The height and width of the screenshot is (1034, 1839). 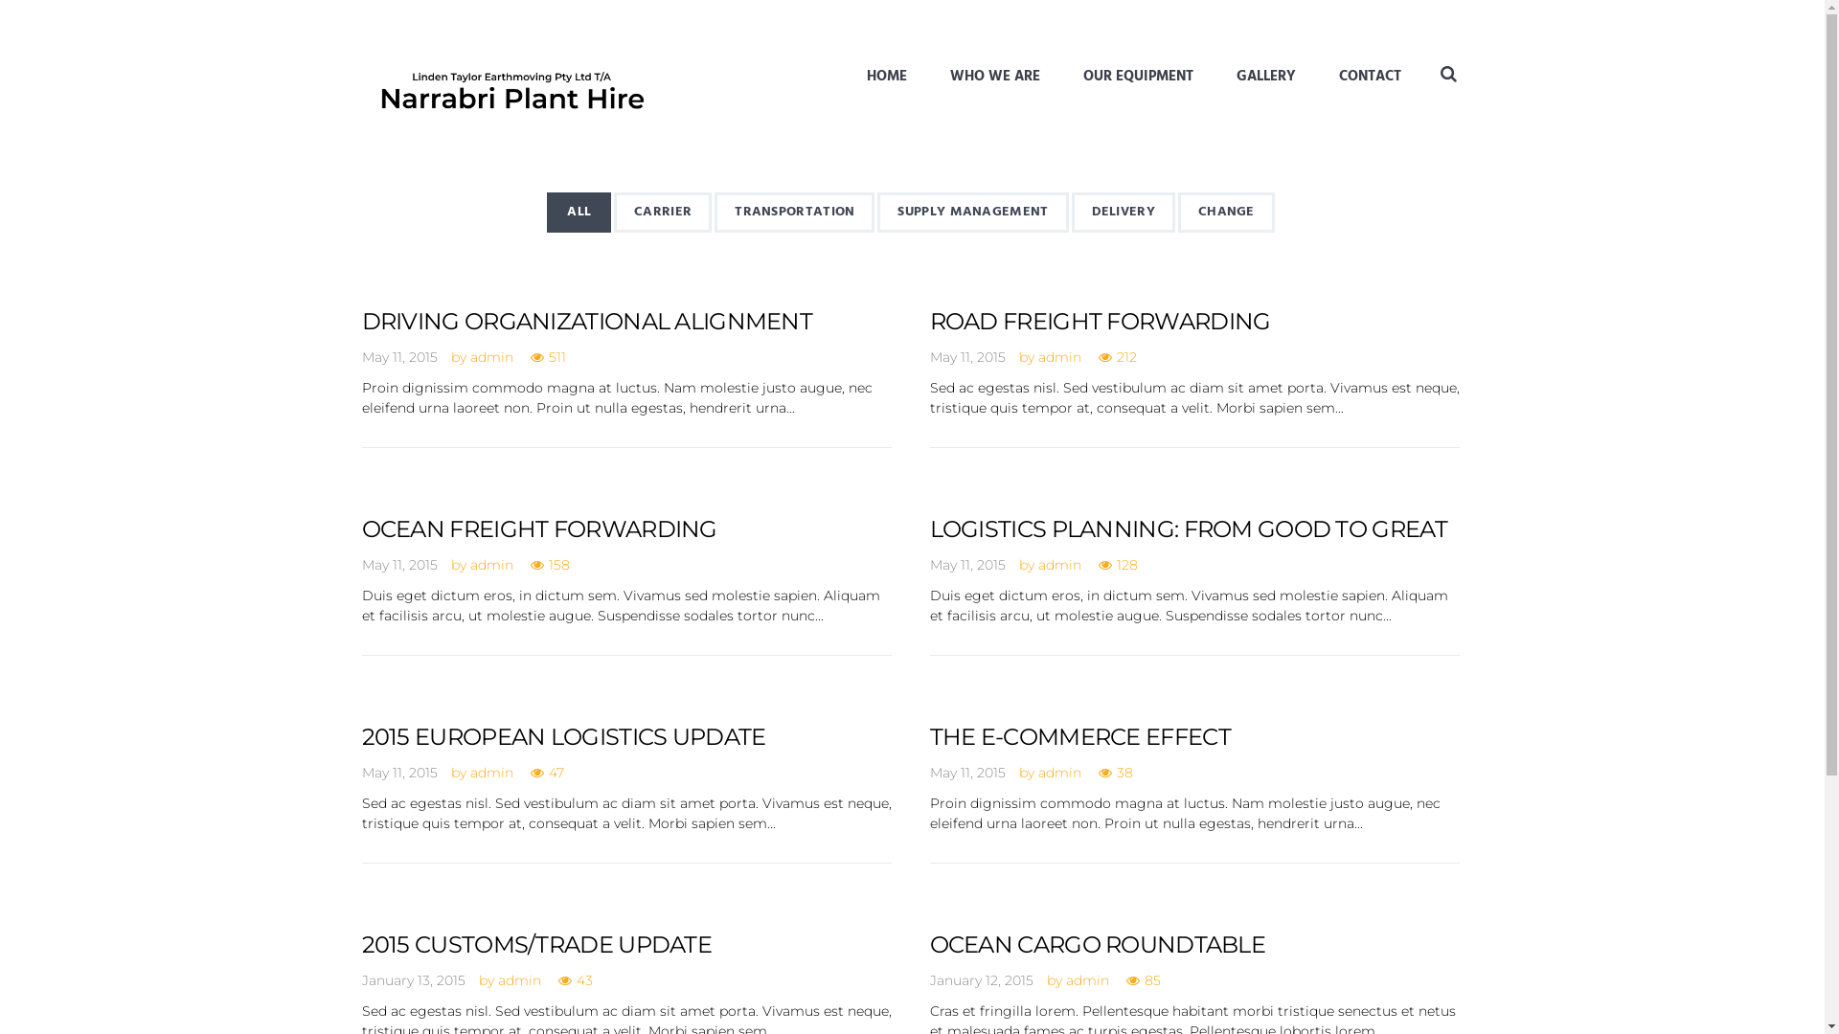 What do you see at coordinates (1079, 736) in the screenshot?
I see `'THE E-COMMERCE EFFECT'` at bounding box center [1079, 736].